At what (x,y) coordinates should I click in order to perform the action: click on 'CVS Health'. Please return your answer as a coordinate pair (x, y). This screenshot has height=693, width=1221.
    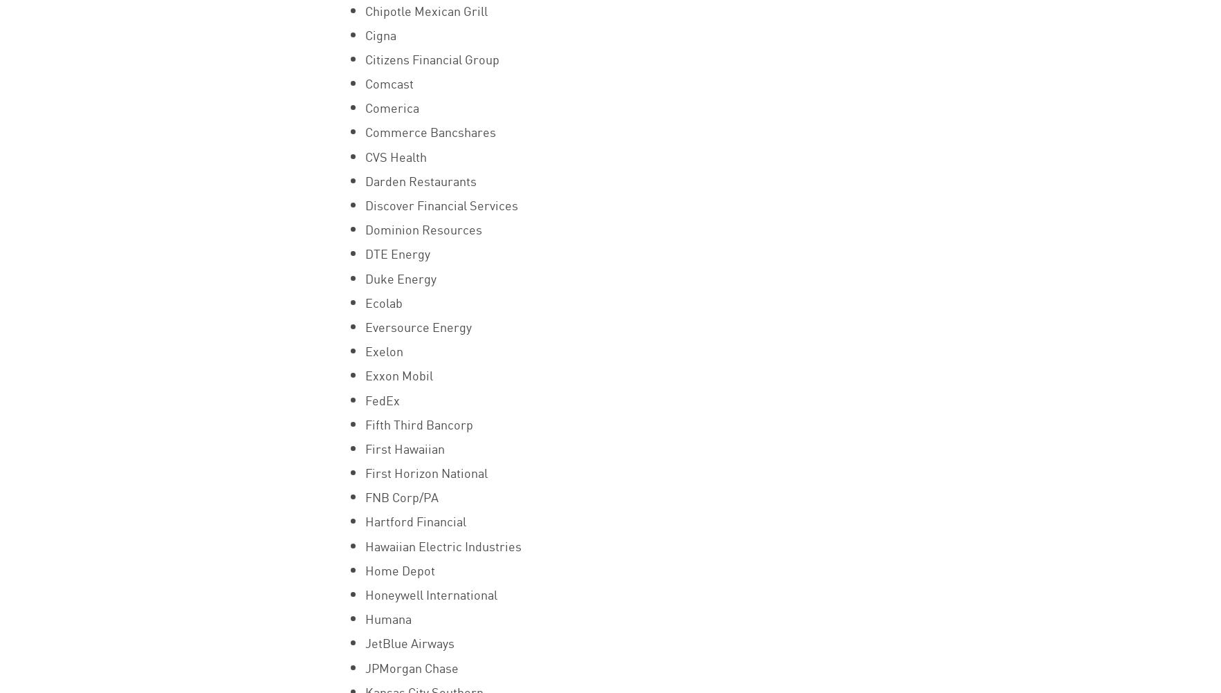
    Looking at the image, I should click on (364, 156).